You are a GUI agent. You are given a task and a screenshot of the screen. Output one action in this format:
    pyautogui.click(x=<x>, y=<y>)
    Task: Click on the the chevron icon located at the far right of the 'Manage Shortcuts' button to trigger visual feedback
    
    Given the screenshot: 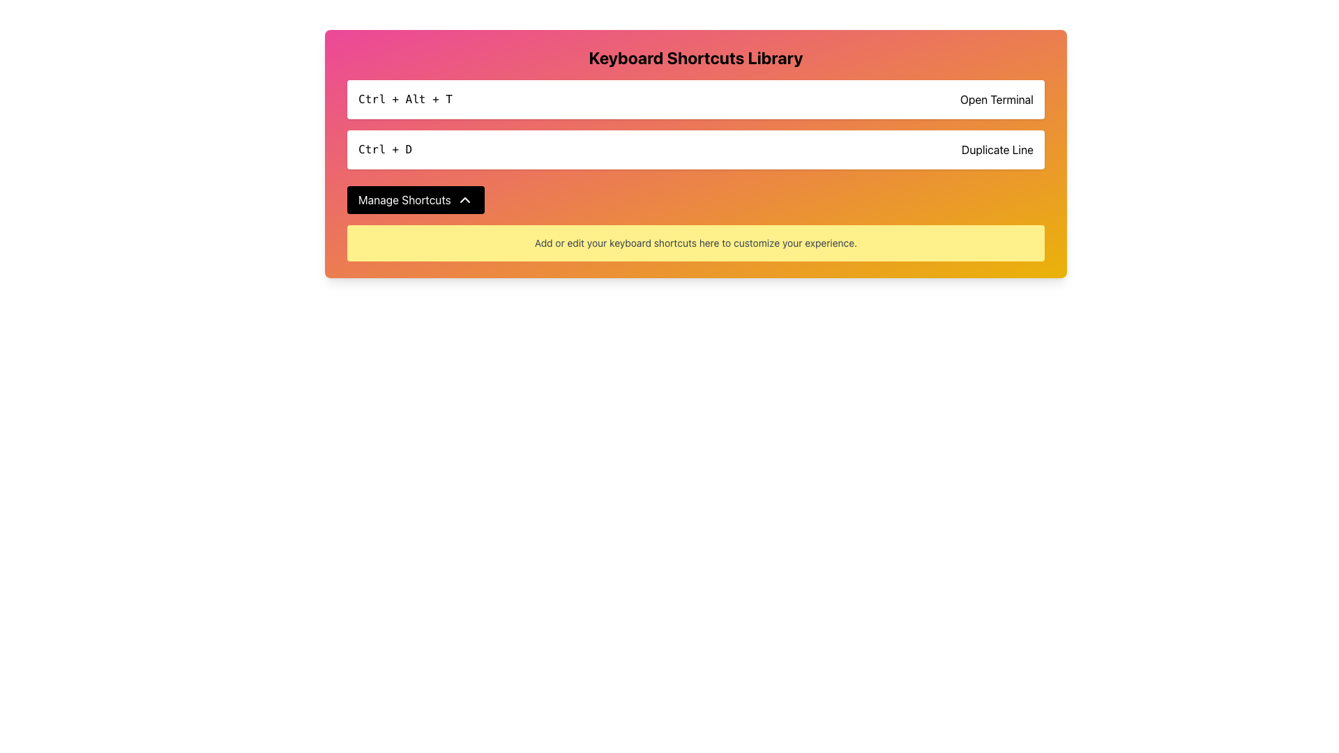 What is the action you would take?
    pyautogui.click(x=464, y=199)
    